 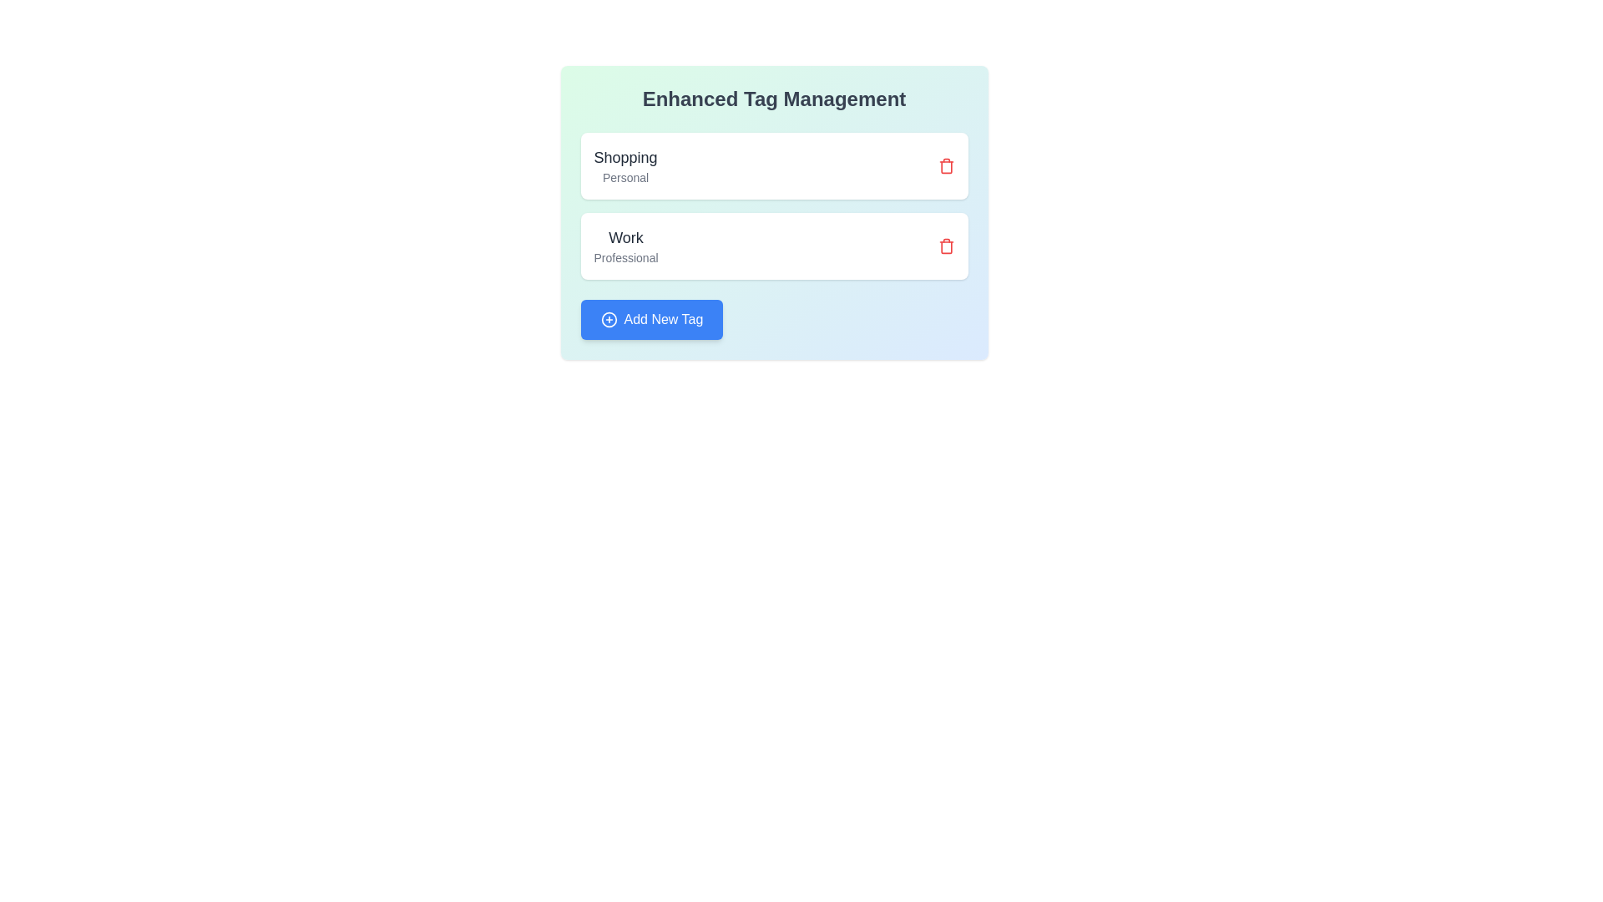 I want to click on the delete button (icon button) located at the top-right corner of the 'Shopping Personal' card, so click(x=946, y=166).